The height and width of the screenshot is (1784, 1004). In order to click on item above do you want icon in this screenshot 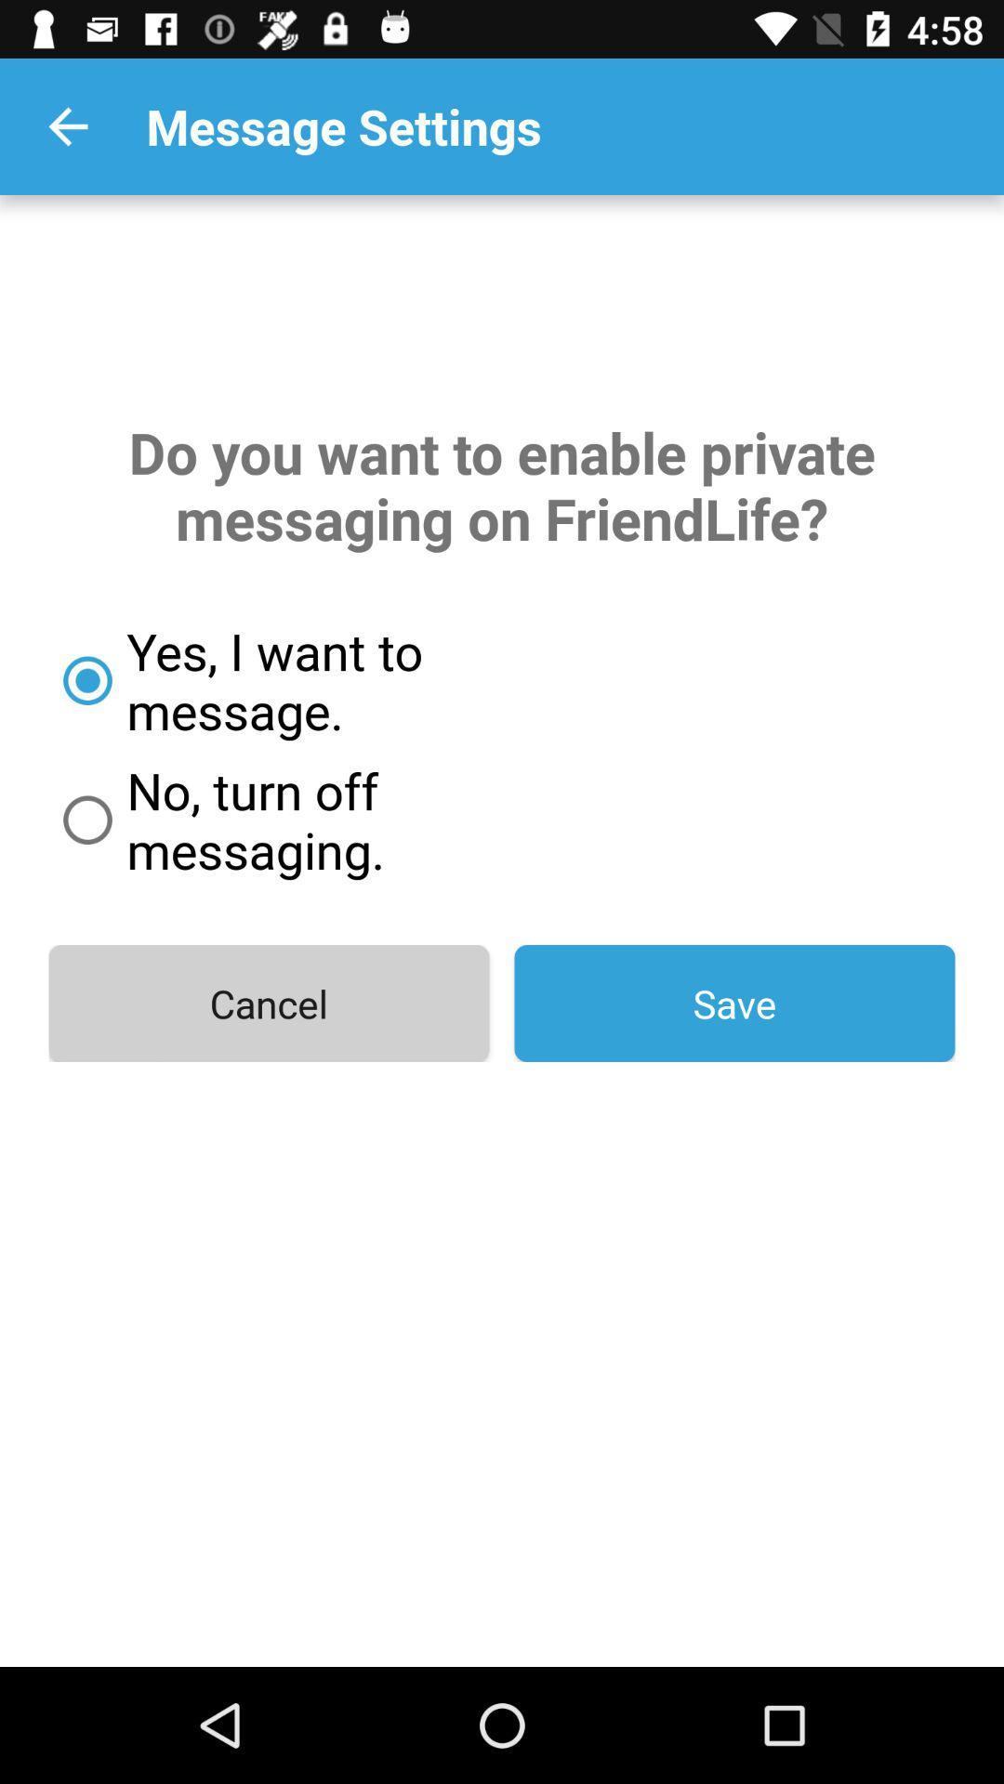, I will do `click(67, 125)`.